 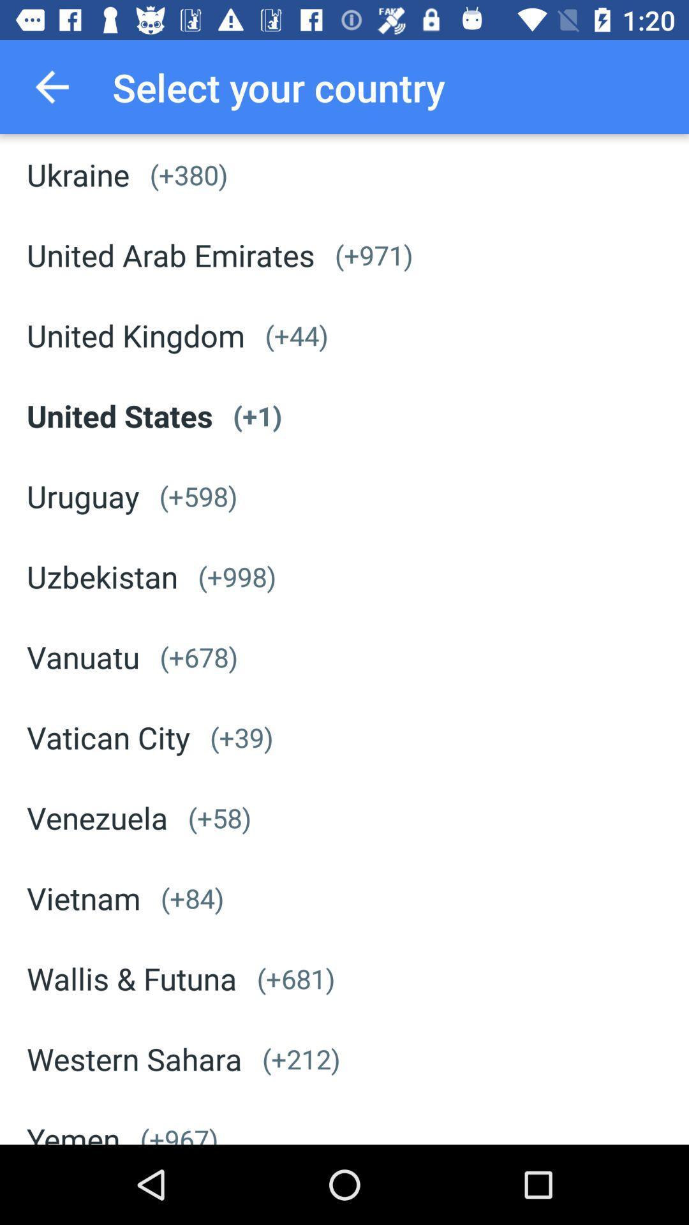 I want to click on the arrow_backward icon, so click(x=51, y=86).